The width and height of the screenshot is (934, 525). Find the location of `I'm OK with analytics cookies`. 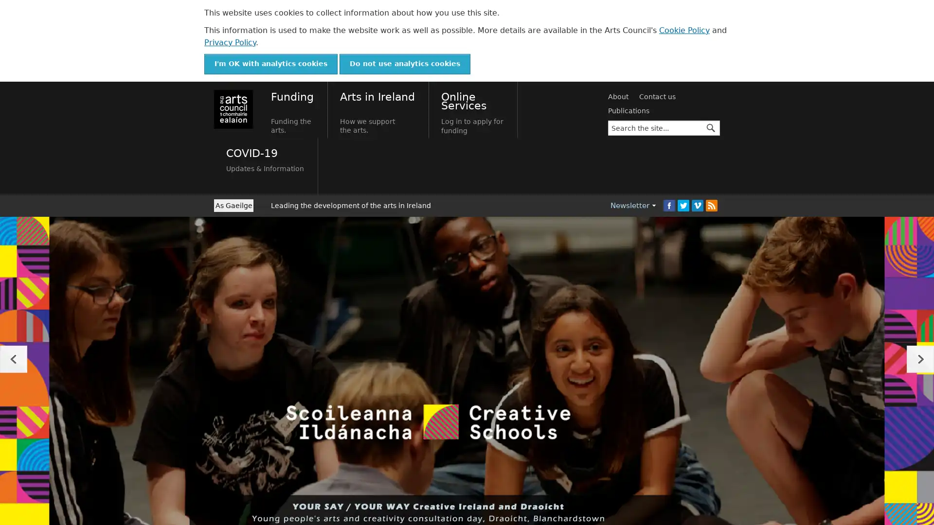

I'm OK with analytics cookies is located at coordinates (270, 64).